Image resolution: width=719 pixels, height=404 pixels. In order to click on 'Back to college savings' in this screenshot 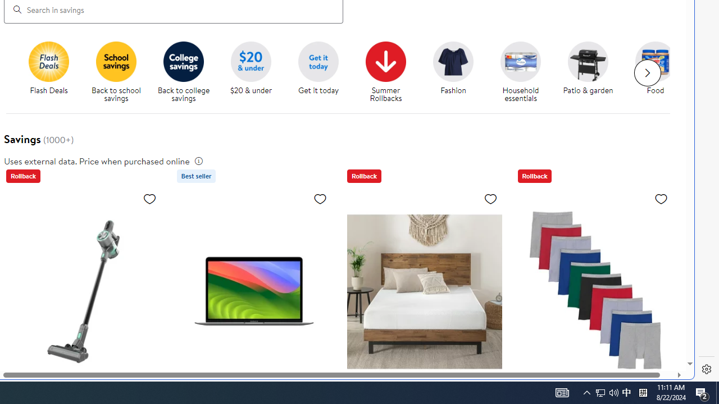, I will do `click(188, 72)`.